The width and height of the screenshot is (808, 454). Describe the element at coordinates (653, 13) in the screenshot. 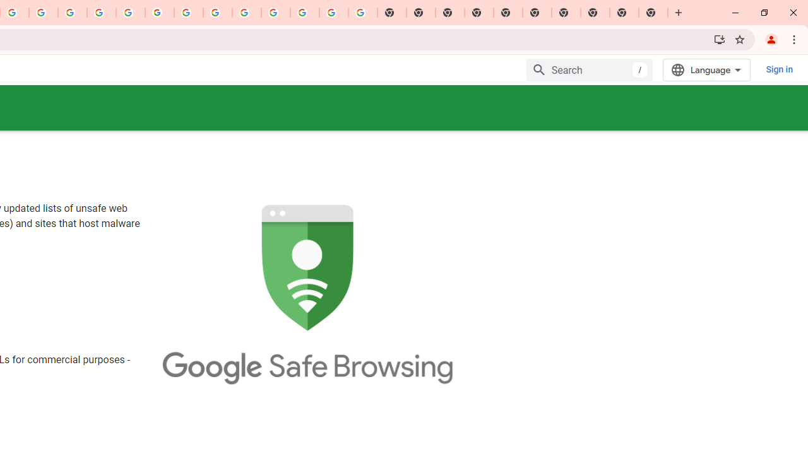

I see `'New Tab'` at that location.